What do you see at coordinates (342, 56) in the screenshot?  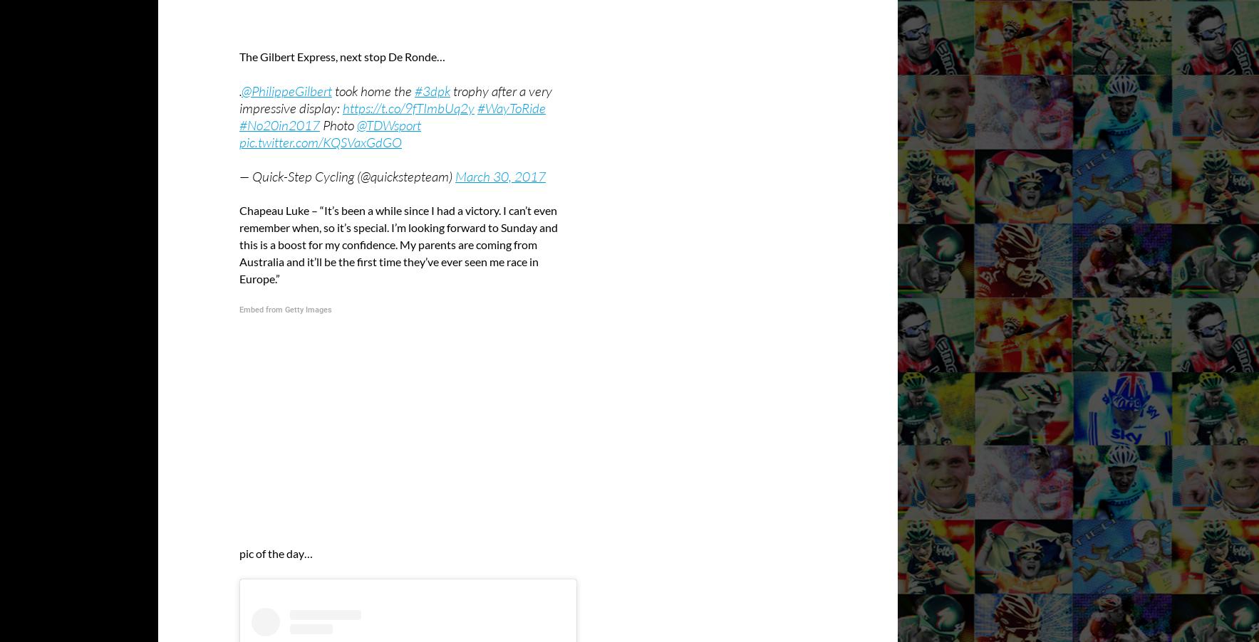 I see `'The Gilbert Express, next stop De Ronde…'` at bounding box center [342, 56].